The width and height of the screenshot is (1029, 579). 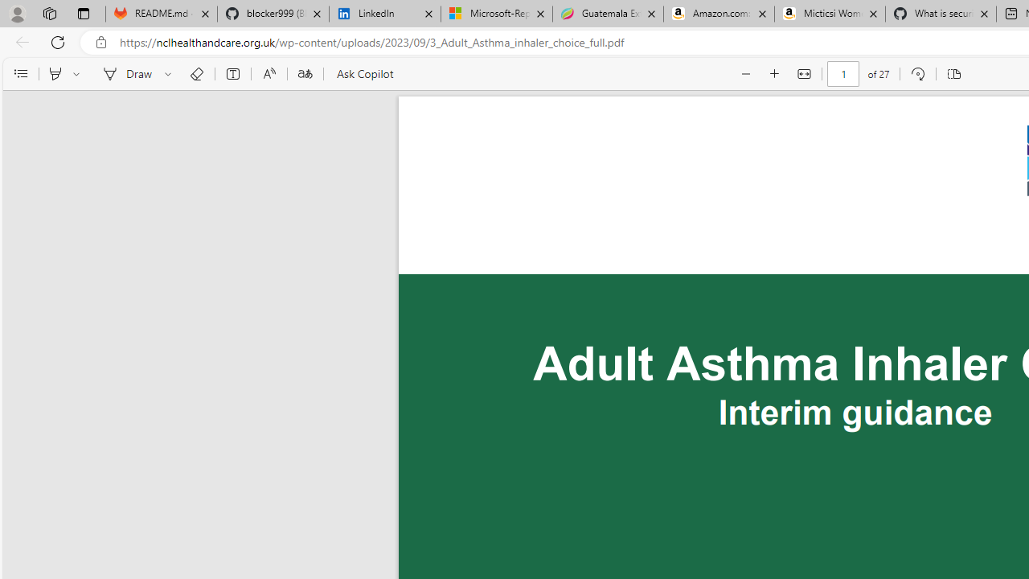 What do you see at coordinates (842, 74) in the screenshot?
I see `'Page number'` at bounding box center [842, 74].